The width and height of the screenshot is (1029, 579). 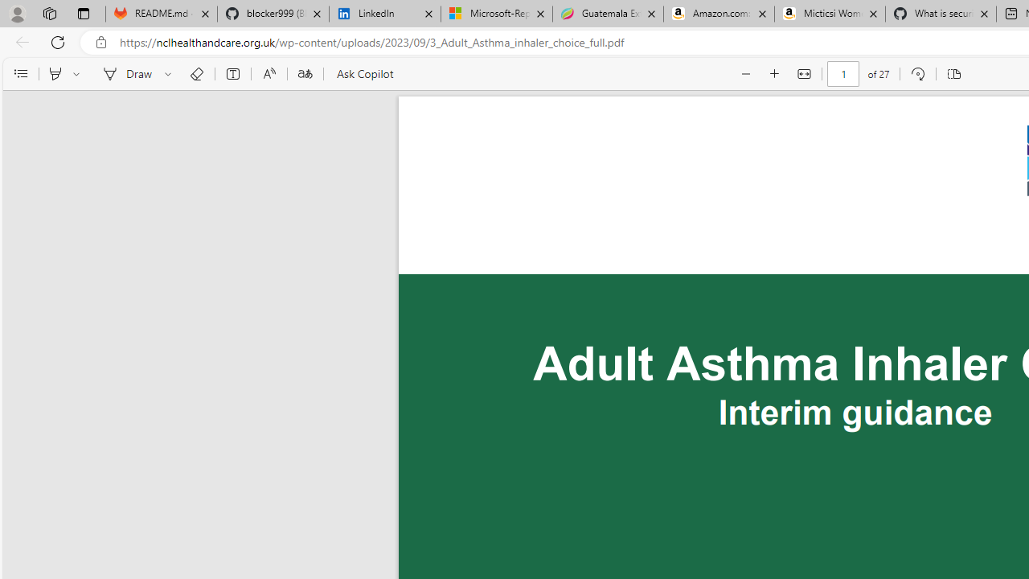 What do you see at coordinates (842, 74) in the screenshot?
I see `'Page number'` at bounding box center [842, 74].